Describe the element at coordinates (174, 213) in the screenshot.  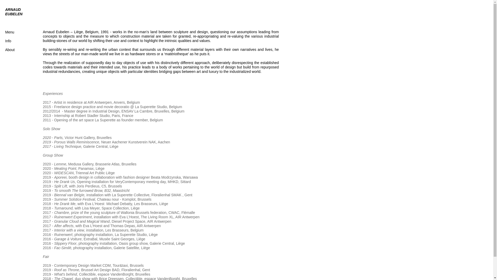
I see `'CWAC'` at that location.